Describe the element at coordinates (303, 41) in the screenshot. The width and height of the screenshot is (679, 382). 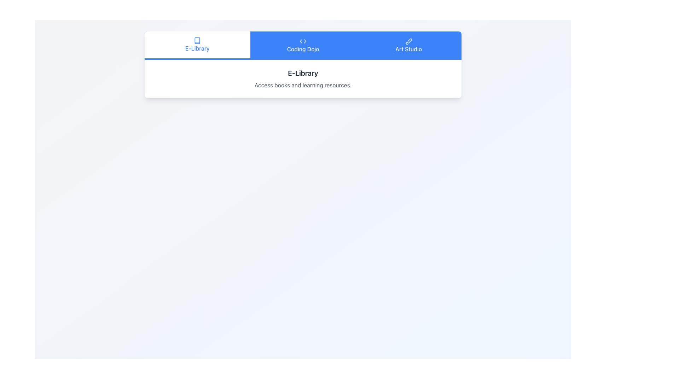
I see `the SVG icon depicting a pair of angle brackets with a blue background located in the 'Coding Dojo' section of the header navigation bar` at that location.